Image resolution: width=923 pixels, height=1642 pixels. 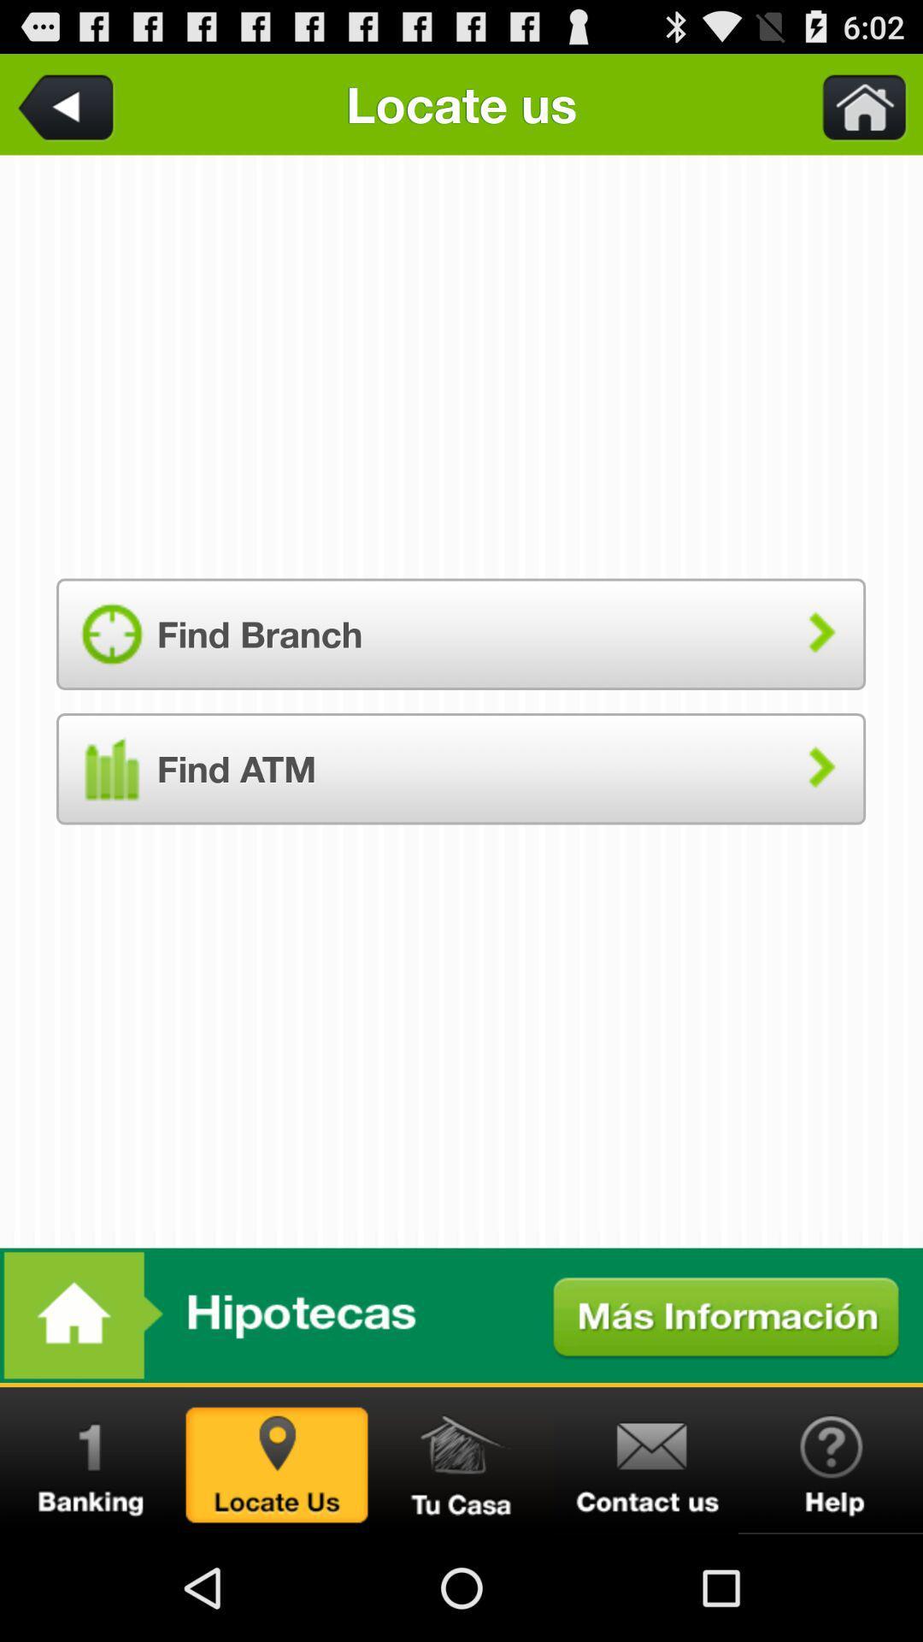 I want to click on go home, so click(x=461, y=1460).